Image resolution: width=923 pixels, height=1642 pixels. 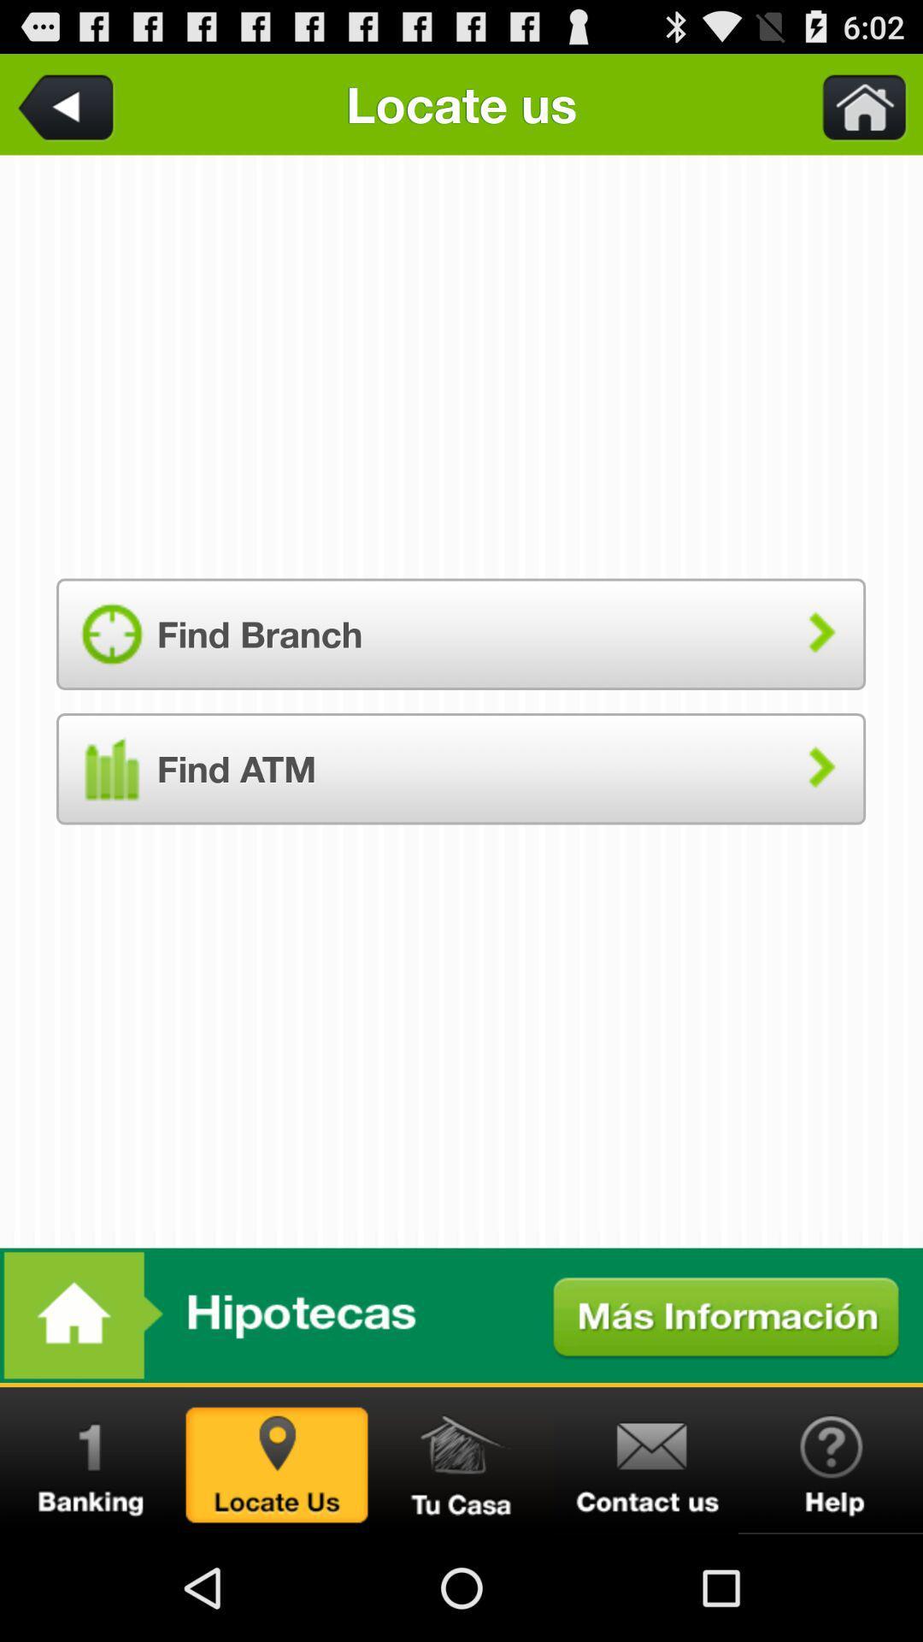 I want to click on go home, so click(x=461, y=1460).